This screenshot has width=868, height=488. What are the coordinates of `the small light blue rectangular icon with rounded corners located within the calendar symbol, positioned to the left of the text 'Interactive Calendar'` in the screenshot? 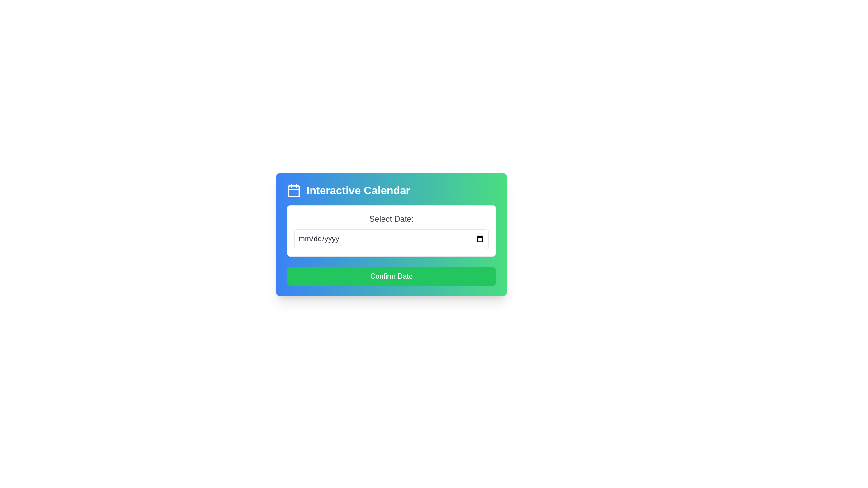 It's located at (293, 191).